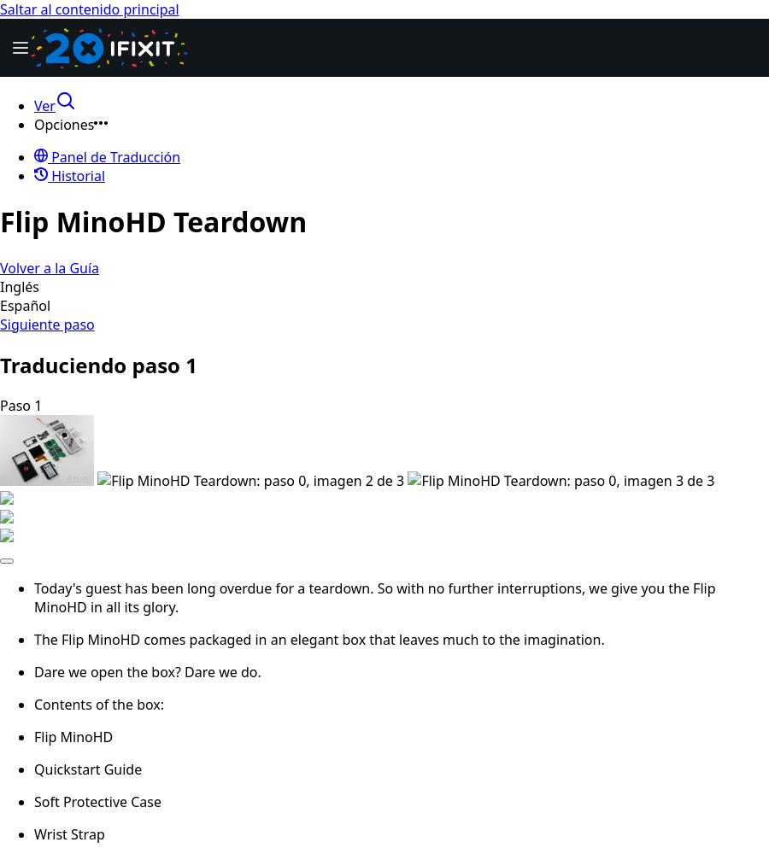 This screenshot has height=854, width=769. Describe the element at coordinates (18, 285) in the screenshot. I see `'Inglés'` at that location.